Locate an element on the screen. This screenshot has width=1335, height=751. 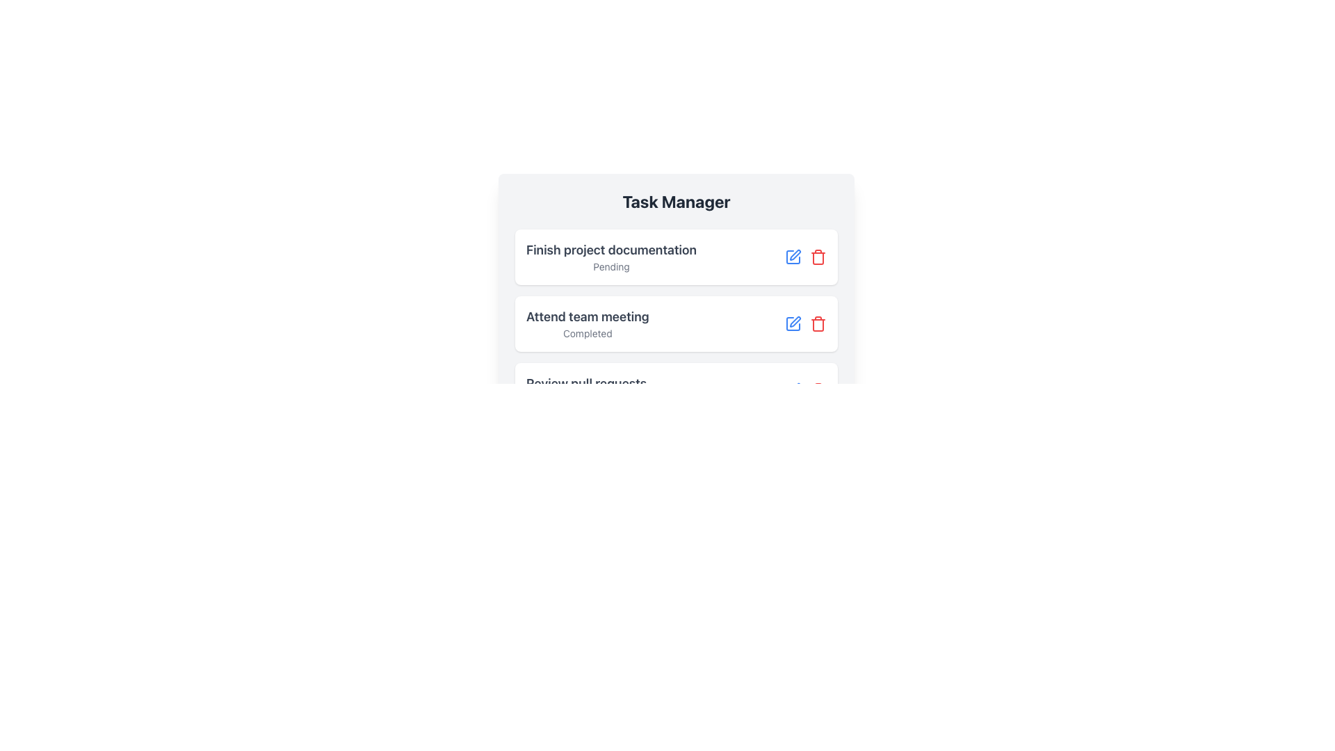
the design of the red-stroke trash can icon segment located to the right of the task entries in the second task row titled 'Attend team meeting' is located at coordinates (818, 258).